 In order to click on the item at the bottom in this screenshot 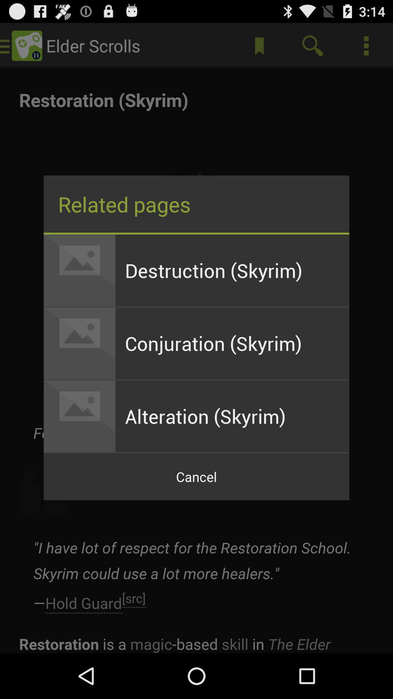, I will do `click(196, 477)`.